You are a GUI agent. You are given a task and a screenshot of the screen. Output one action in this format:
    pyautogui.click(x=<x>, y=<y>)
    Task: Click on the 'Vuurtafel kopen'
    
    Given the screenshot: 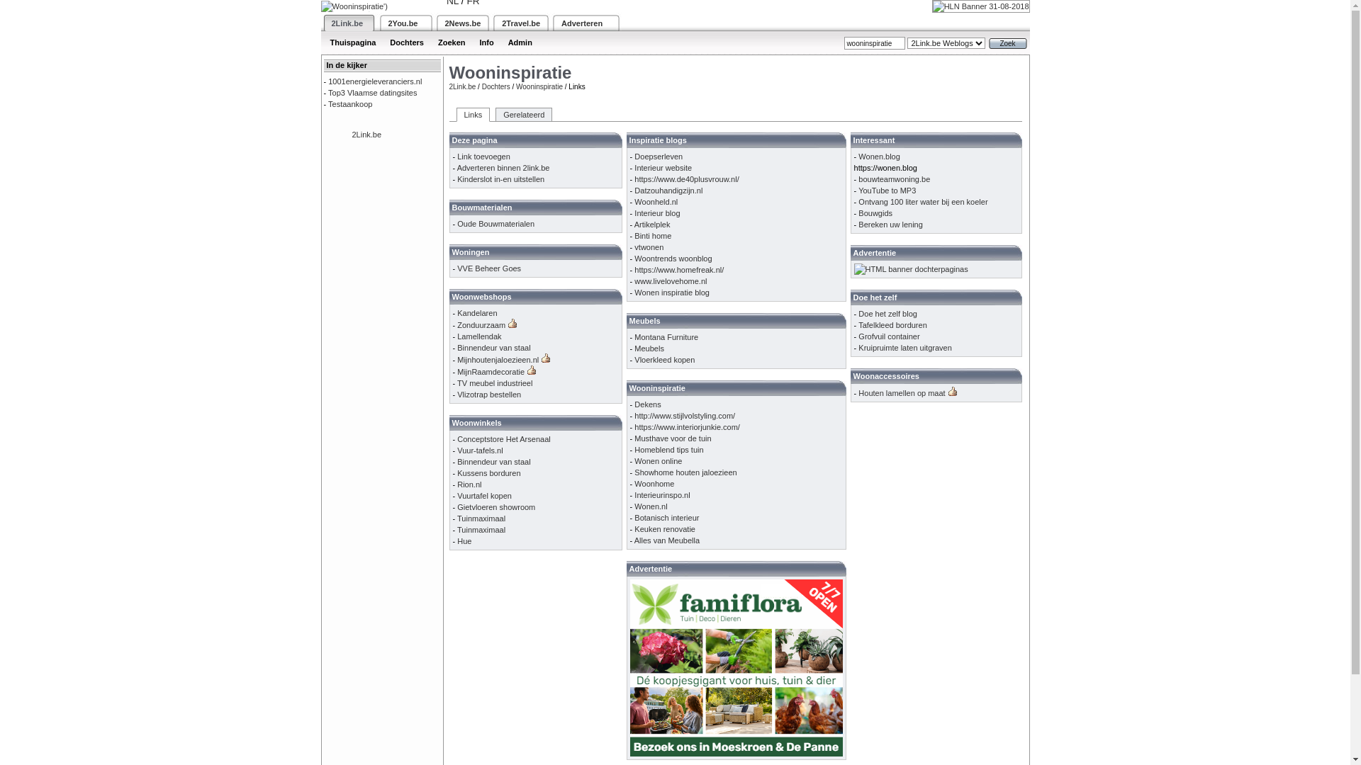 What is the action you would take?
    pyautogui.click(x=484, y=494)
    